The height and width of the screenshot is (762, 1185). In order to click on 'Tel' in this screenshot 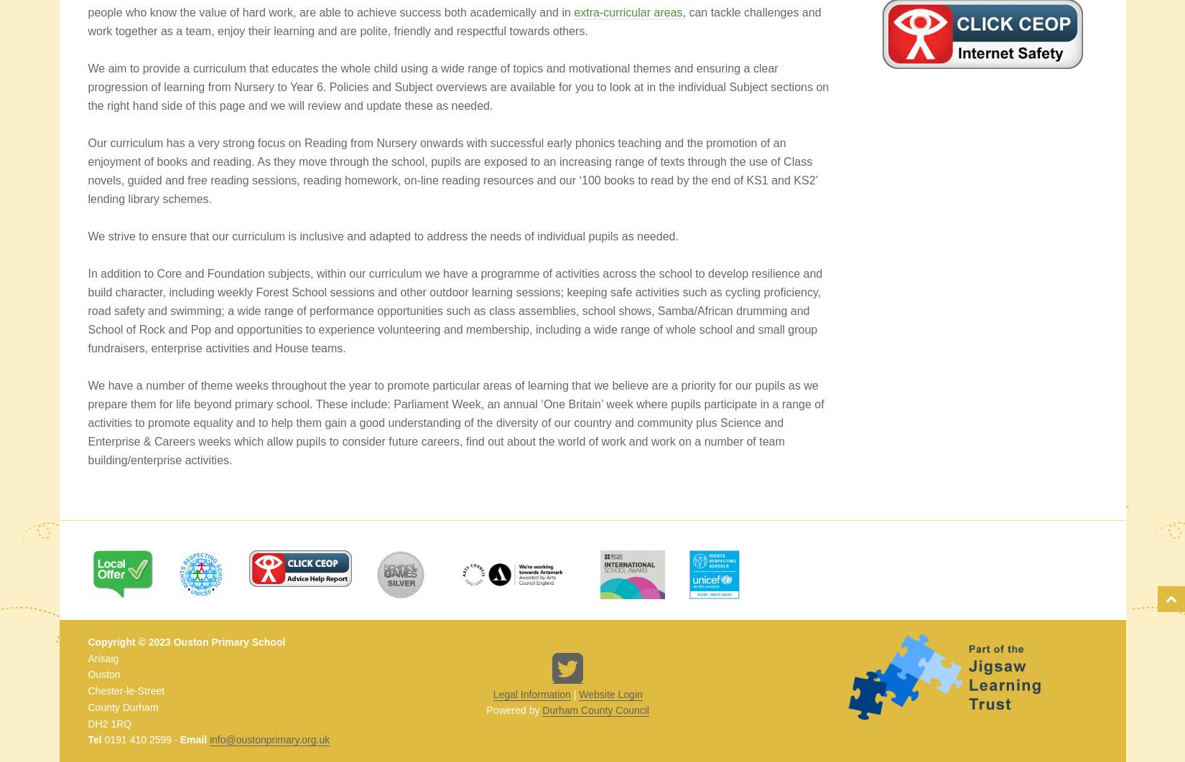, I will do `click(94, 738)`.